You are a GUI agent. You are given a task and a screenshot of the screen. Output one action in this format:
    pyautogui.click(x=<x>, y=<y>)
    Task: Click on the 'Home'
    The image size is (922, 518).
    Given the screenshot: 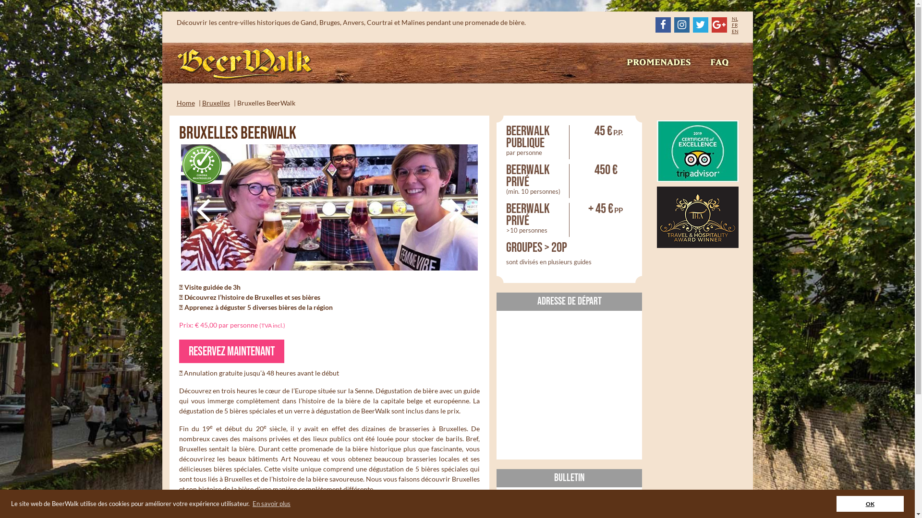 What is the action you would take?
    pyautogui.click(x=186, y=103)
    